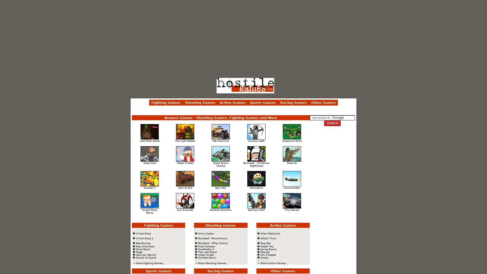 The height and width of the screenshot is (274, 487). Describe the element at coordinates (332, 123) in the screenshot. I see `Shooting Games Search` at that location.